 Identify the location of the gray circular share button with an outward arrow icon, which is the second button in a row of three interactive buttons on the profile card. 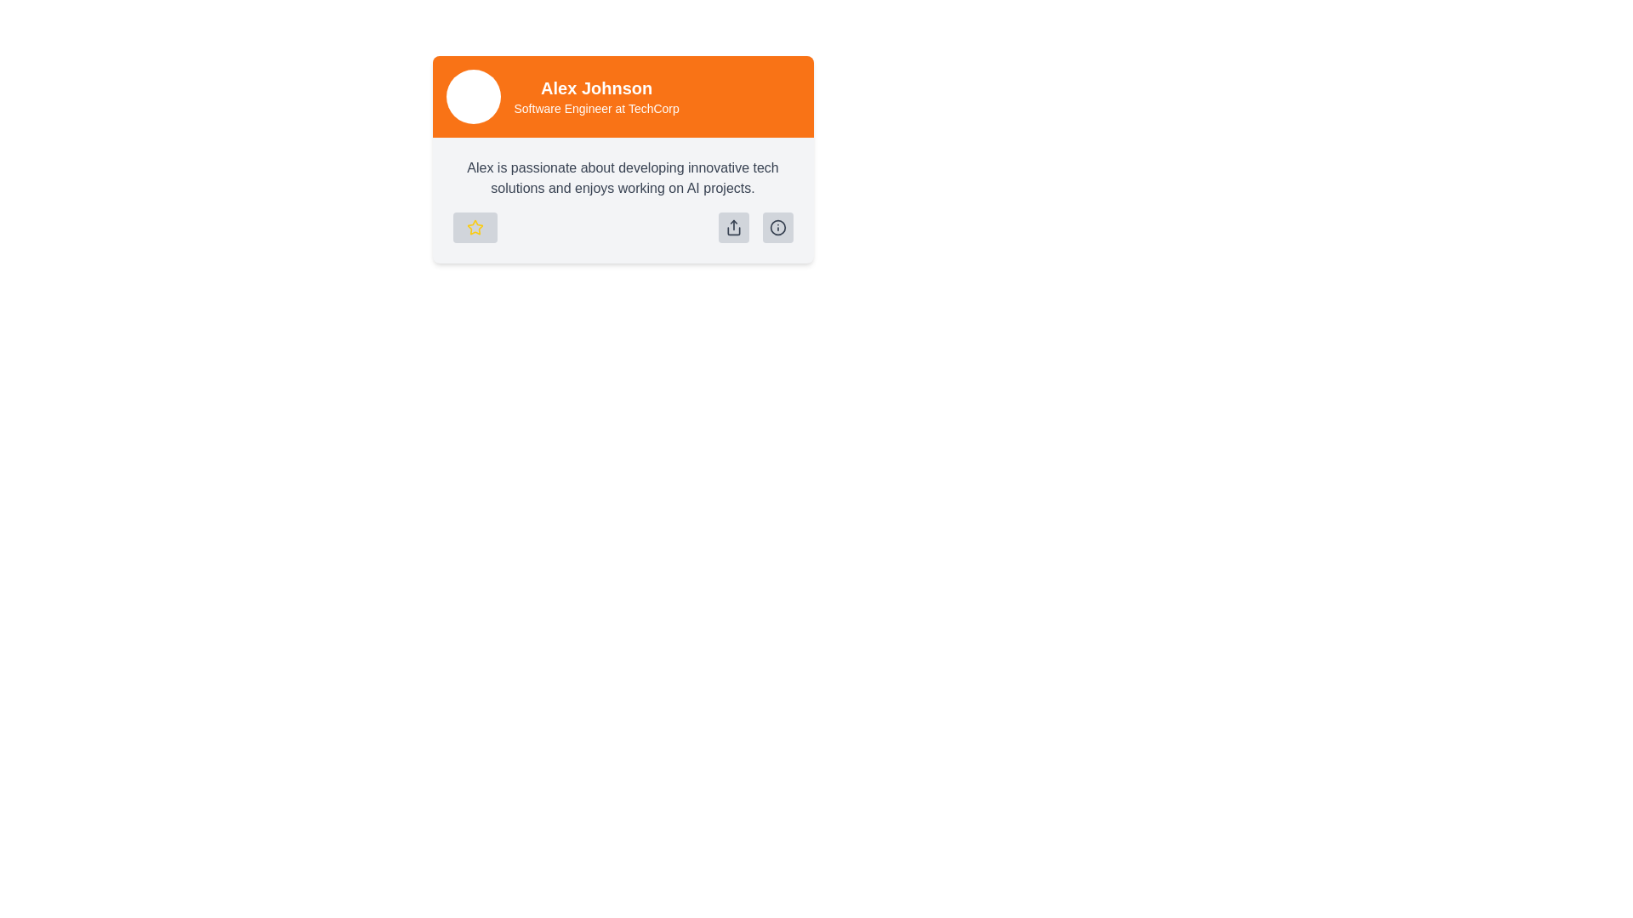
(733, 226).